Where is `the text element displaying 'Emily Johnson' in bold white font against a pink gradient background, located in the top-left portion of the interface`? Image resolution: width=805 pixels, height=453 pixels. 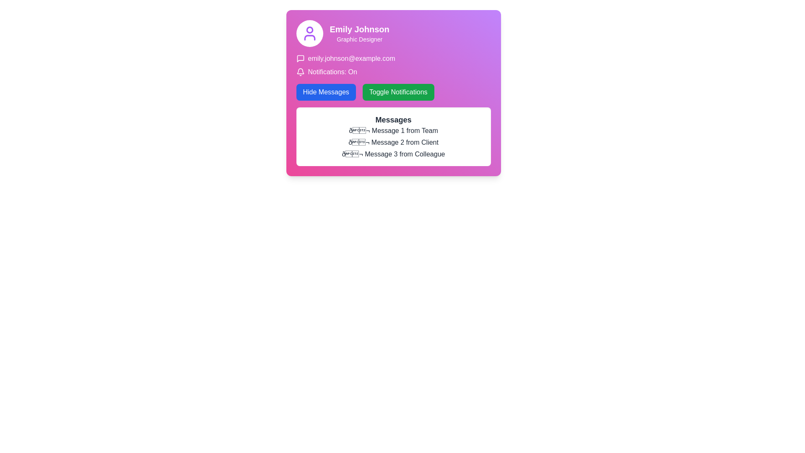
the text element displaying 'Emily Johnson' in bold white font against a pink gradient background, located in the top-left portion of the interface is located at coordinates (359, 29).